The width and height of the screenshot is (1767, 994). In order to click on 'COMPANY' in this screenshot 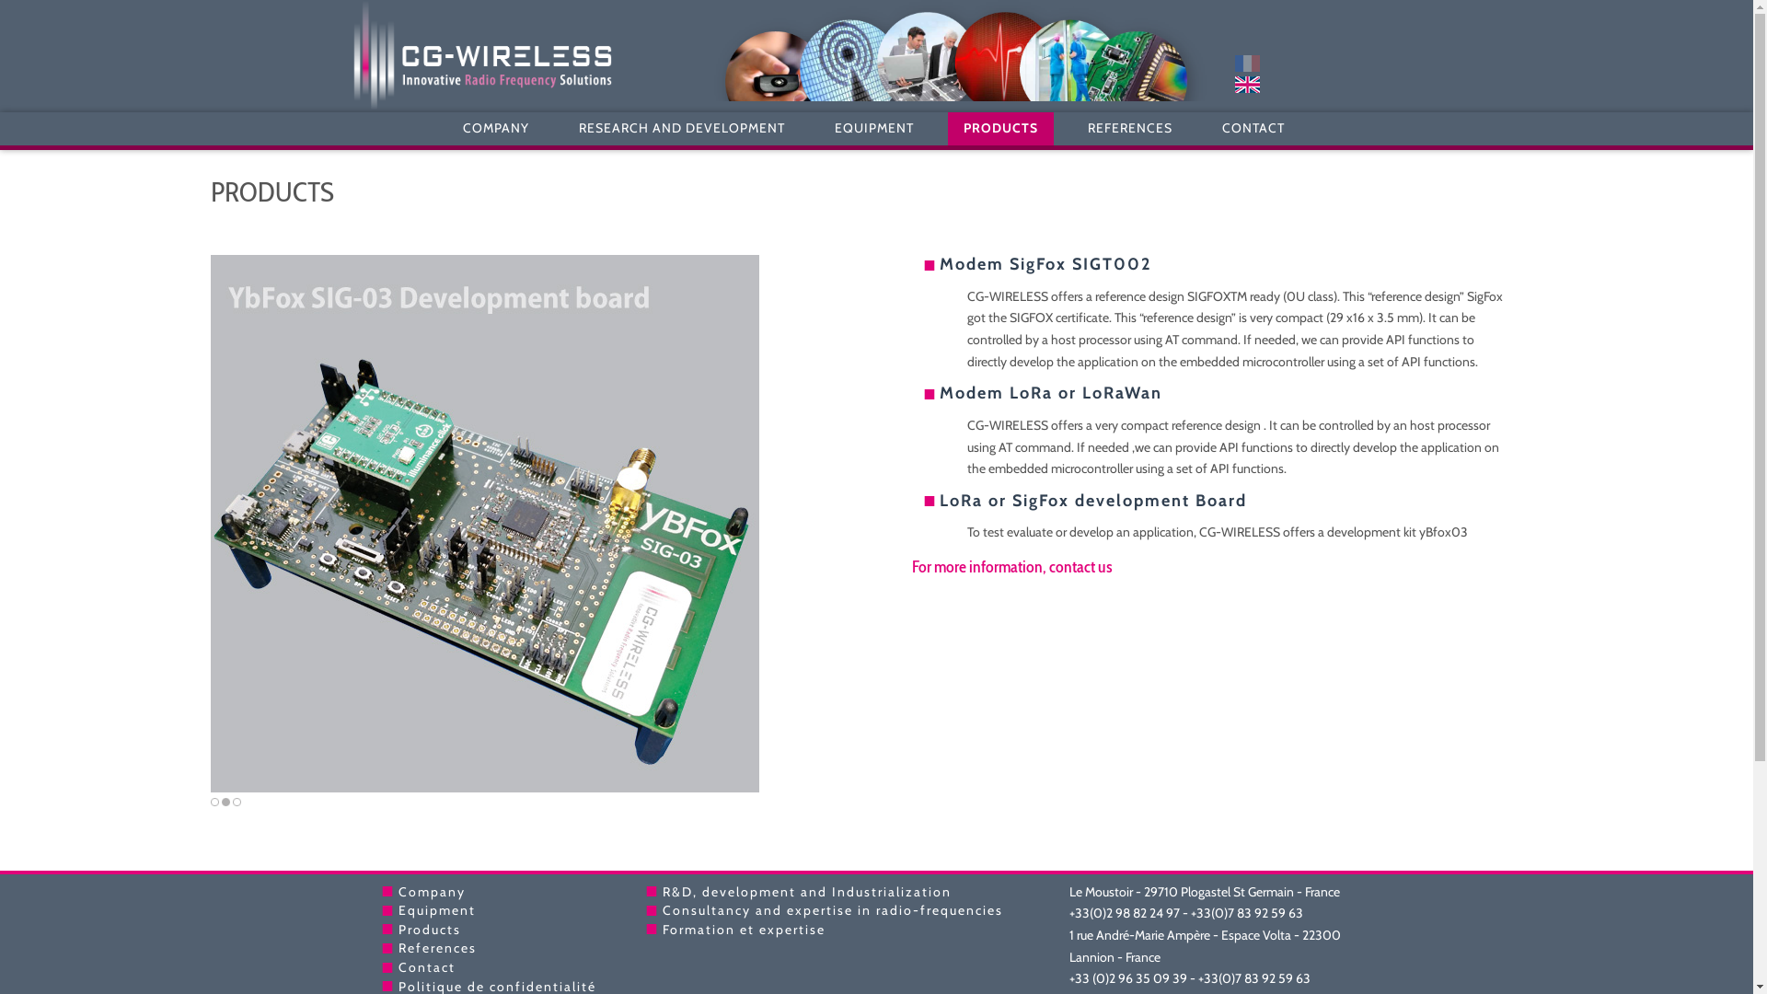, I will do `click(495, 127)`.